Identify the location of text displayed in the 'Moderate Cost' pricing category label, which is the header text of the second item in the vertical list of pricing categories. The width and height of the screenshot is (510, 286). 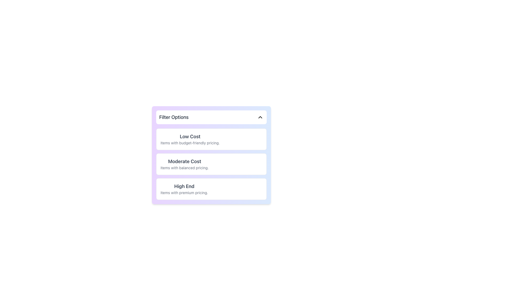
(185, 161).